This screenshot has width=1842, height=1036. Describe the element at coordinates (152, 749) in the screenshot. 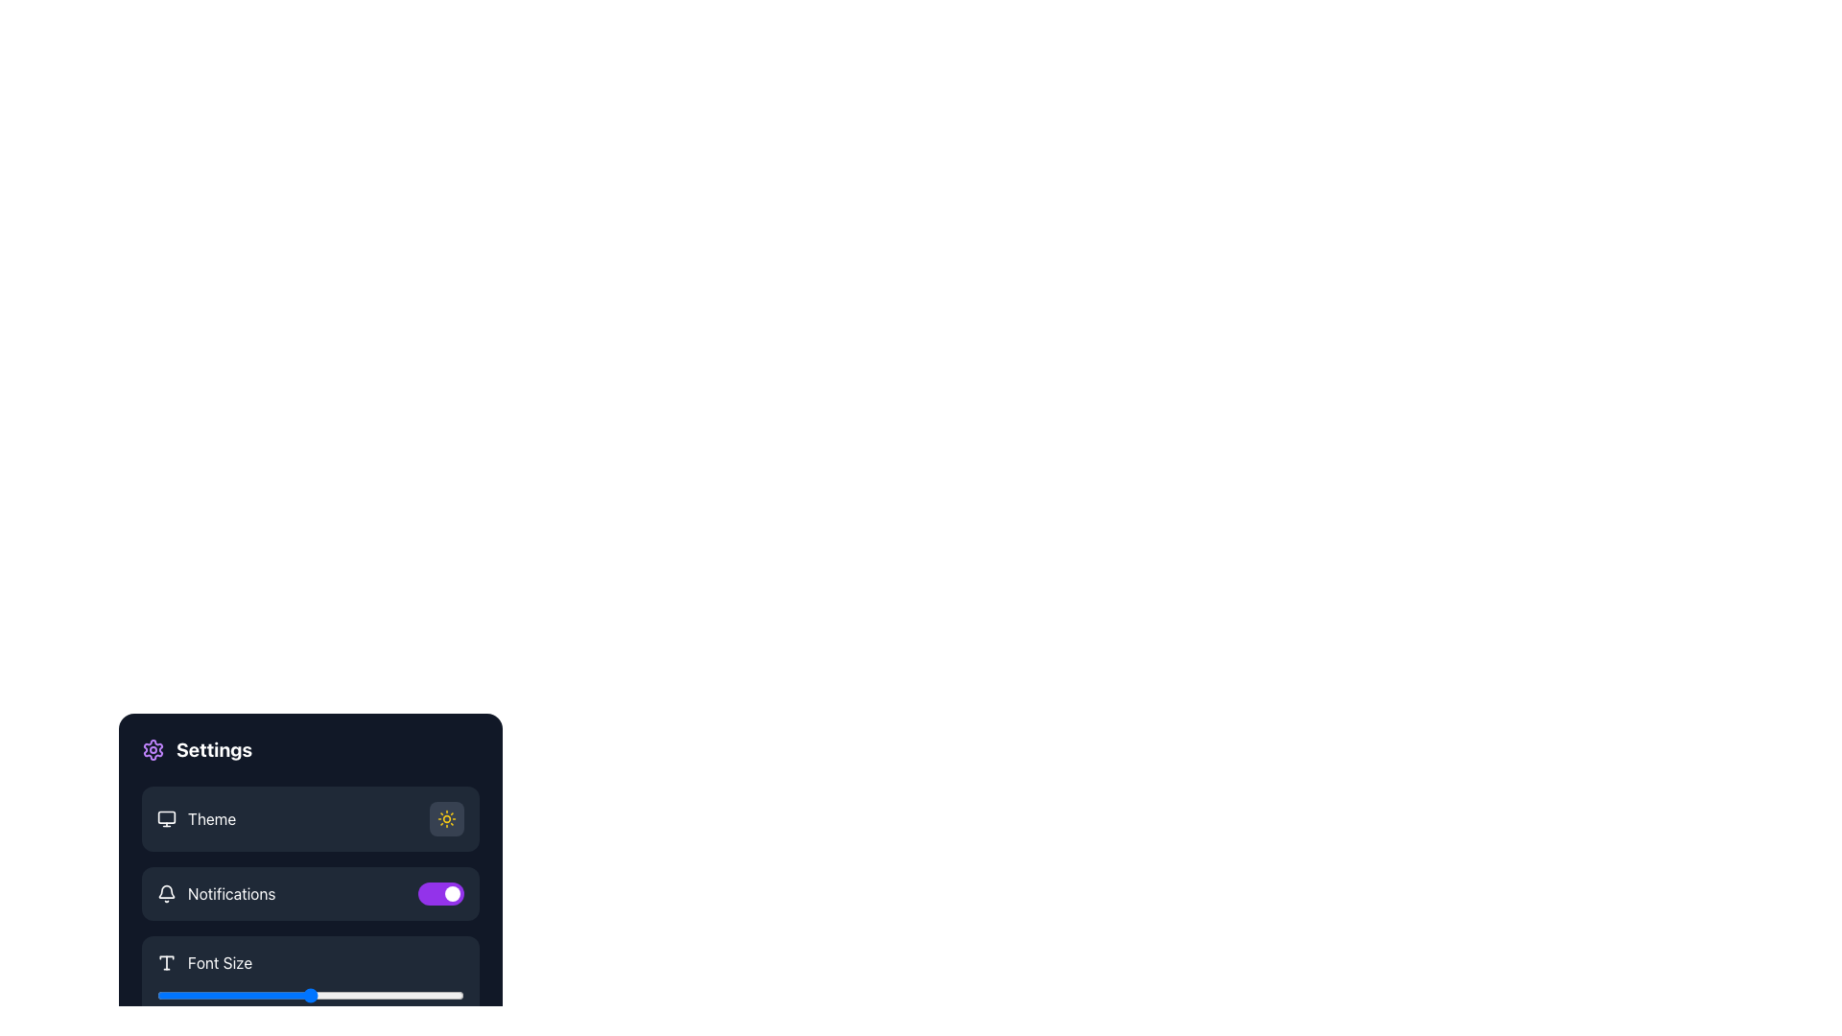

I see `the settings icon located at the top left of the sidebar menu, adjacent to the label 'Settings'` at that location.